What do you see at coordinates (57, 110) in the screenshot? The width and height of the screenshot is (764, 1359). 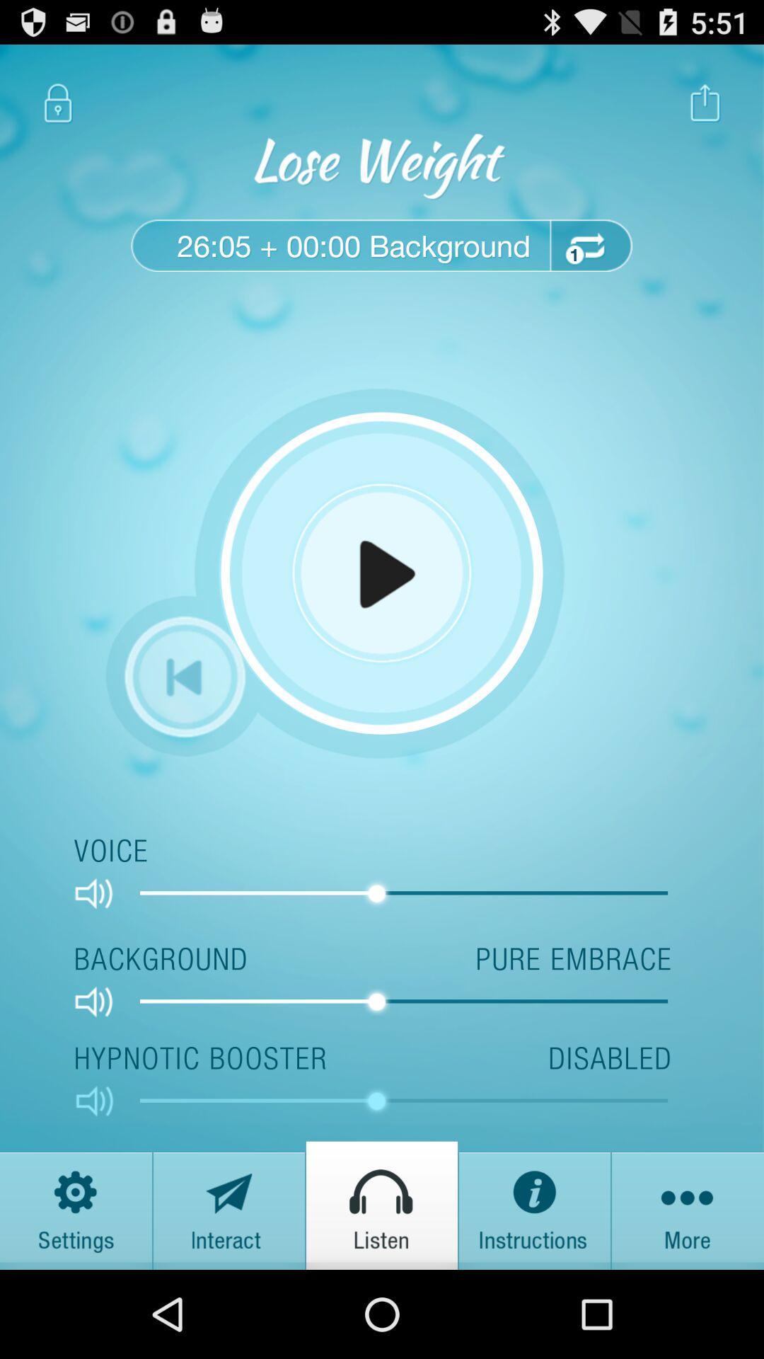 I see `the lock icon` at bounding box center [57, 110].